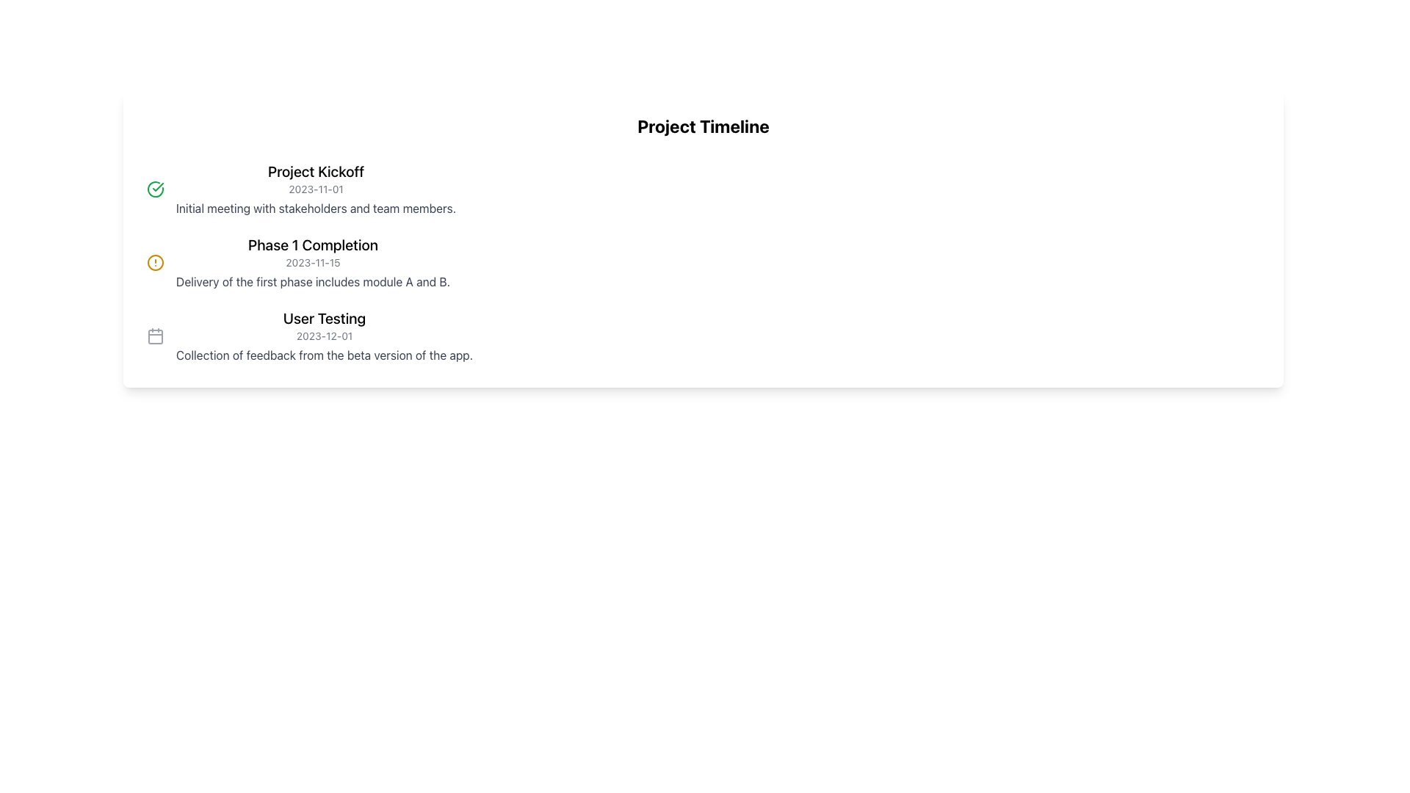 The height and width of the screenshot is (793, 1410). Describe the element at coordinates (323, 355) in the screenshot. I see `the text label reading 'Collection of feedback from the beta version of the app.' located below the heading 'User Testing' in the timeline layout` at that location.